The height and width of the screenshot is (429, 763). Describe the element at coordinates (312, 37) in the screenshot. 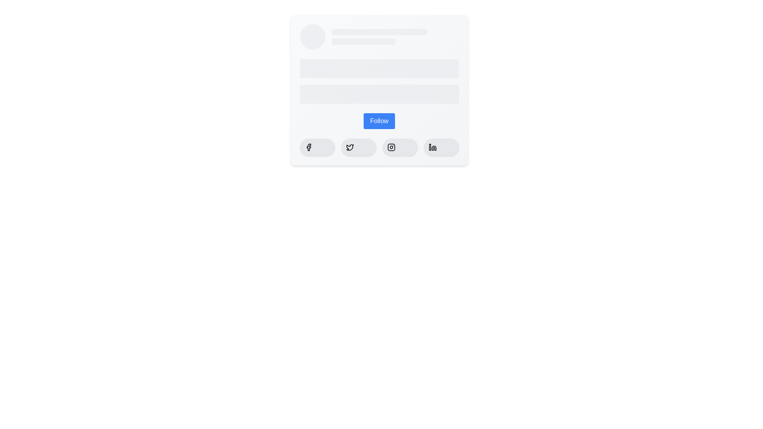

I see `the circular placeholder for a profile image located at the top-left corner of the card-like layout` at that location.